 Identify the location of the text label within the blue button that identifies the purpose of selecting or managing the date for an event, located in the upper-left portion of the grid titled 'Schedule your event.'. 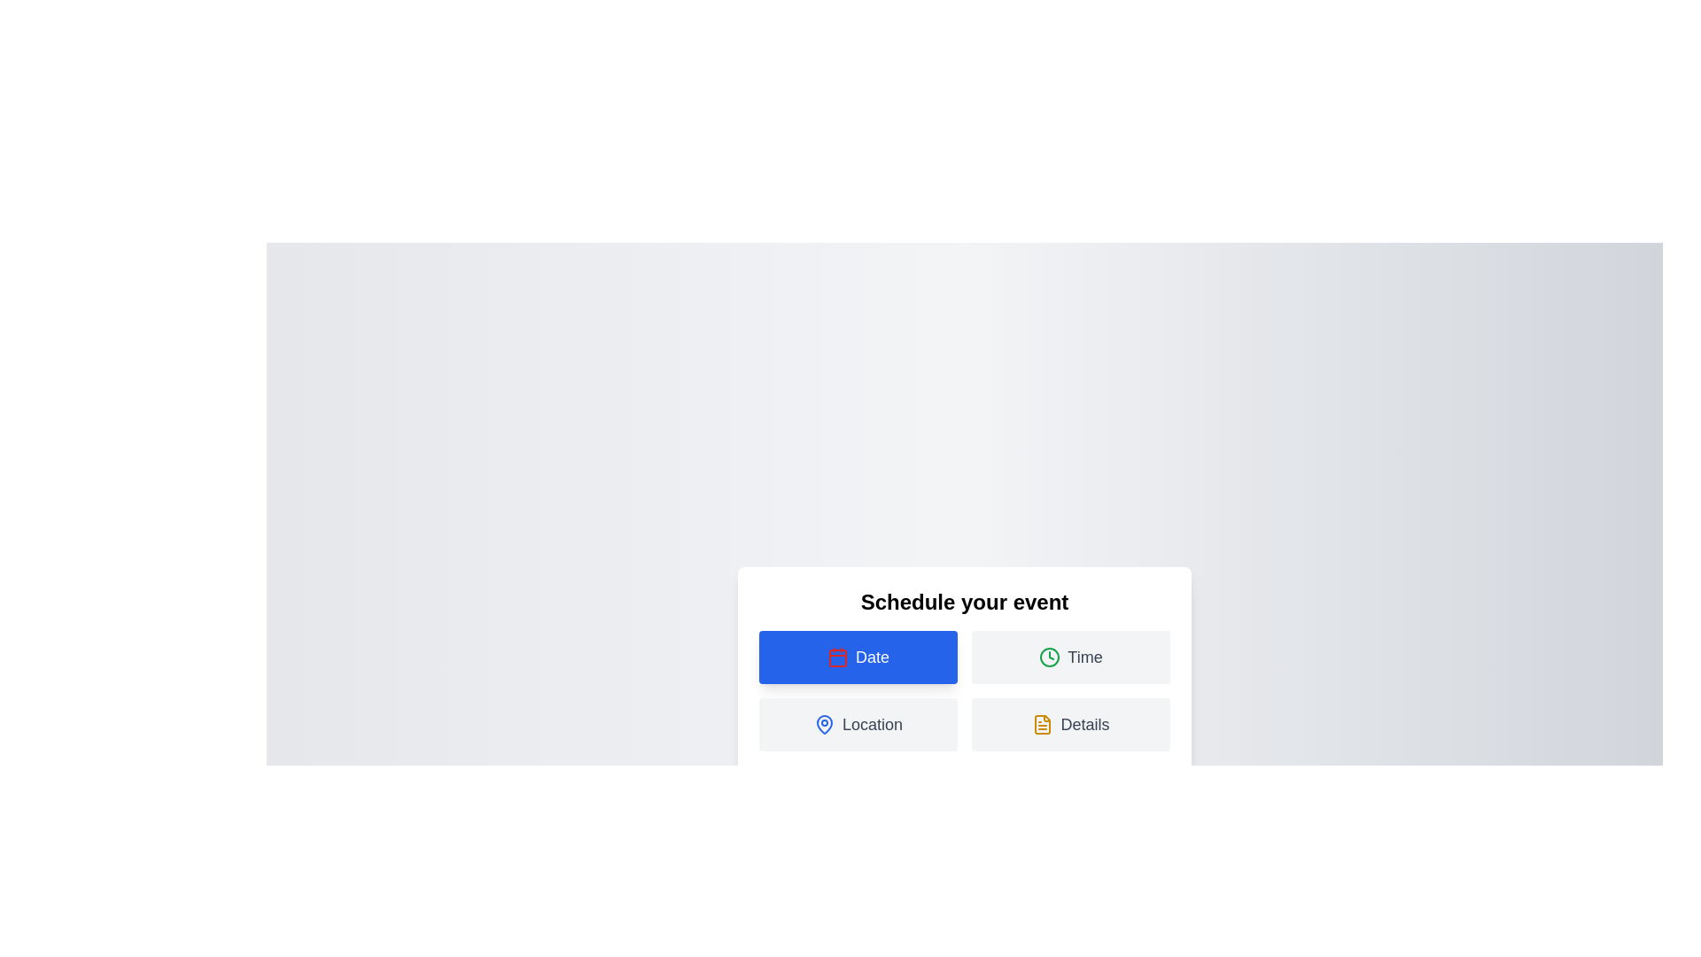
(872, 657).